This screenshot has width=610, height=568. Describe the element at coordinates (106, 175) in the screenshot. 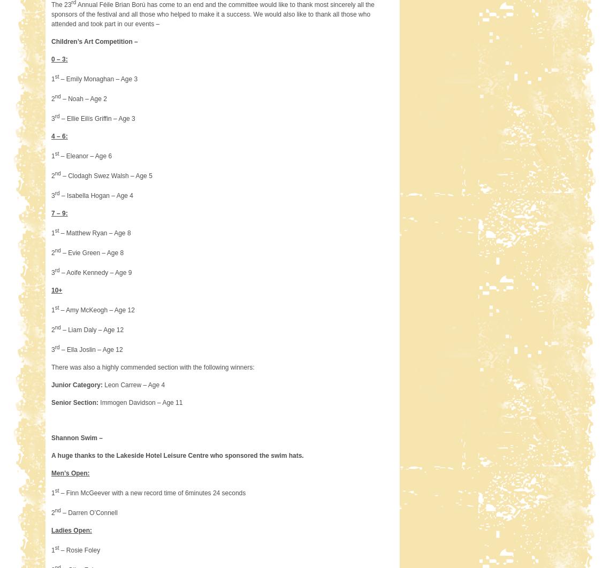

I see `'– Clodagh Swez Walsh – Age 5'` at that location.